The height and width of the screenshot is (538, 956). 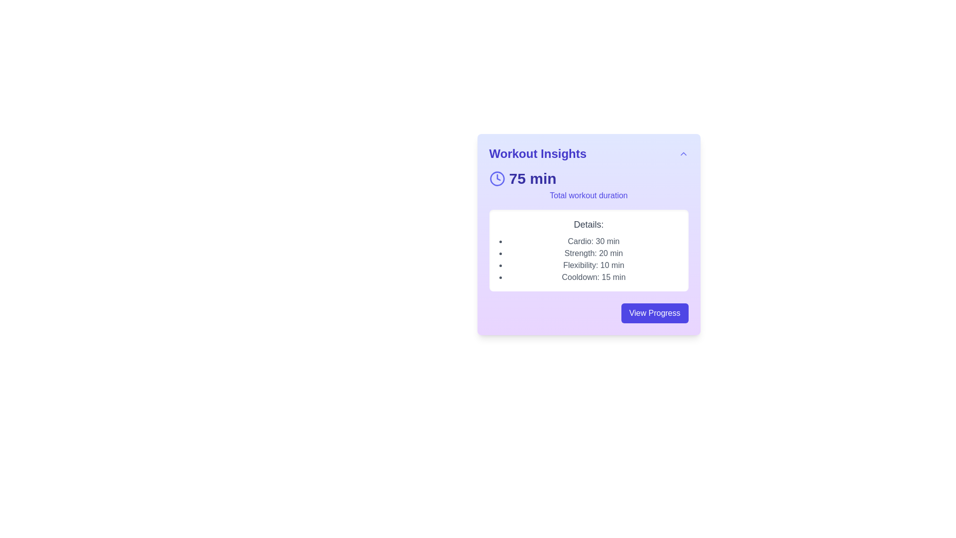 I want to click on the label that serves as a heading for the workout activities breakdown, located at the top of the content area of the card, so click(x=589, y=225).